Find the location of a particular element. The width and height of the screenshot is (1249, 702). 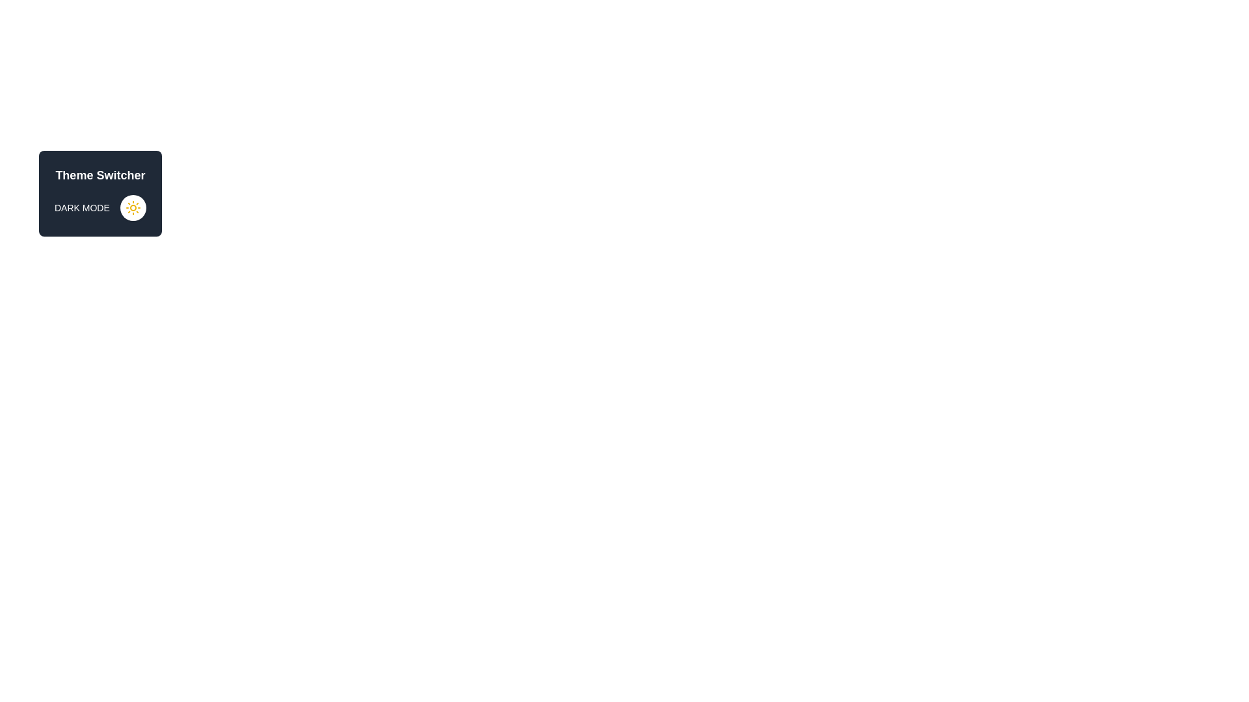

the toggle switch located below the 'Theme Switcher' text to switch themes between light and dark modes is located at coordinates (100, 207).